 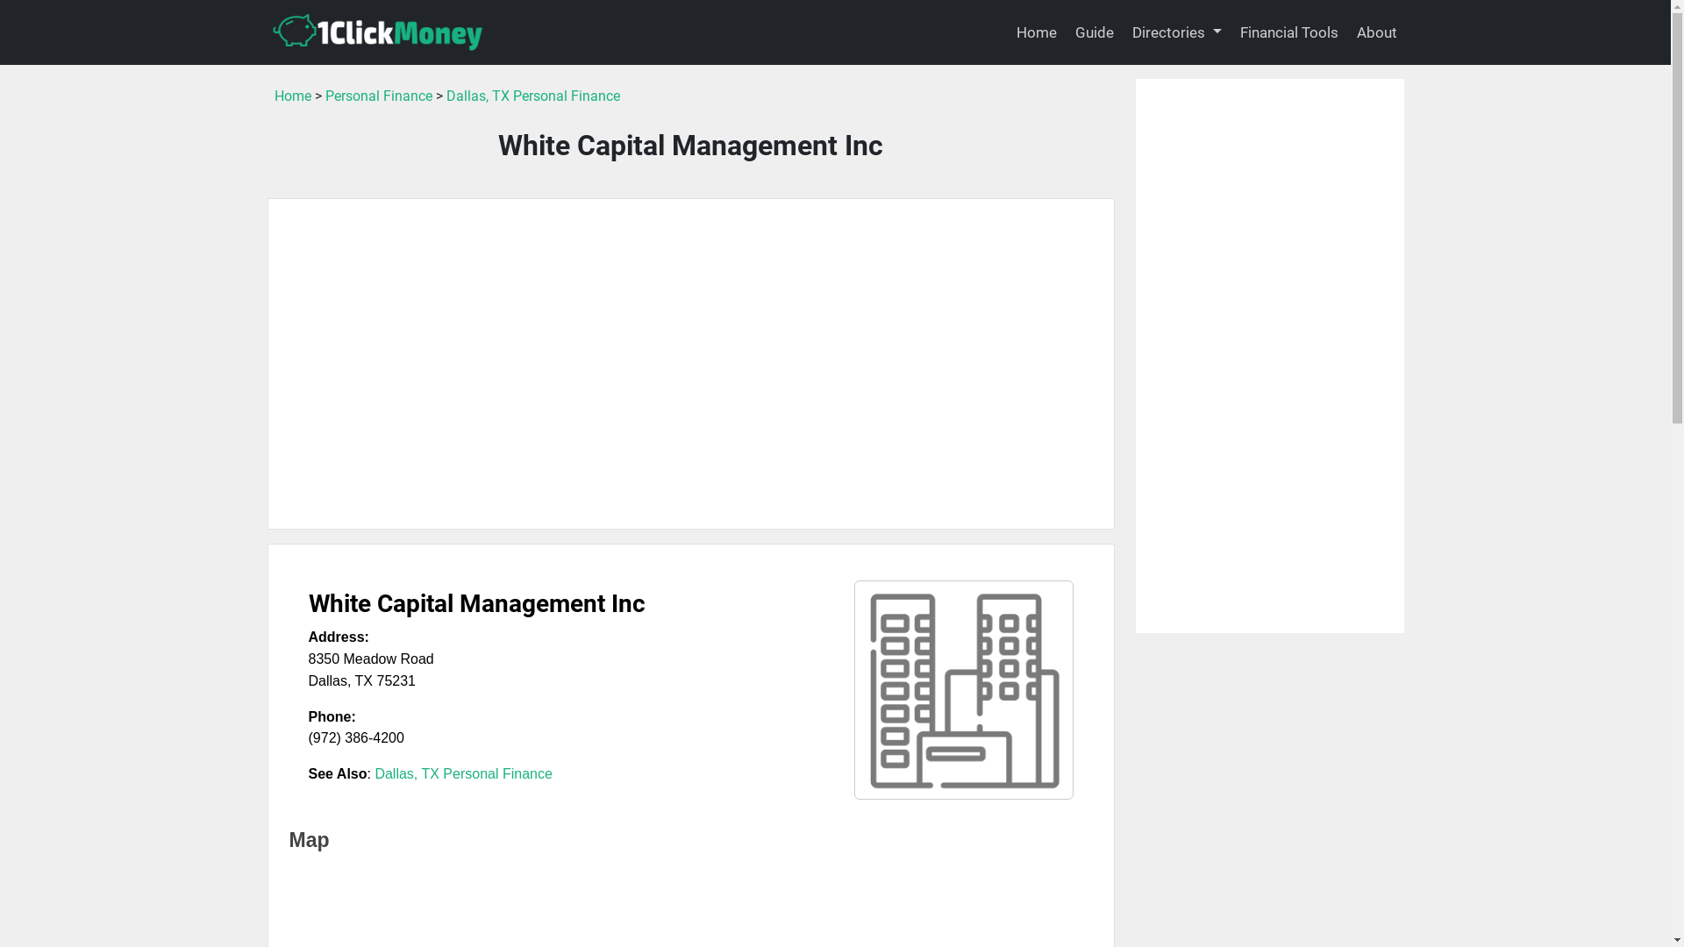 I want to click on 'Personal Finance', so click(x=377, y=96).